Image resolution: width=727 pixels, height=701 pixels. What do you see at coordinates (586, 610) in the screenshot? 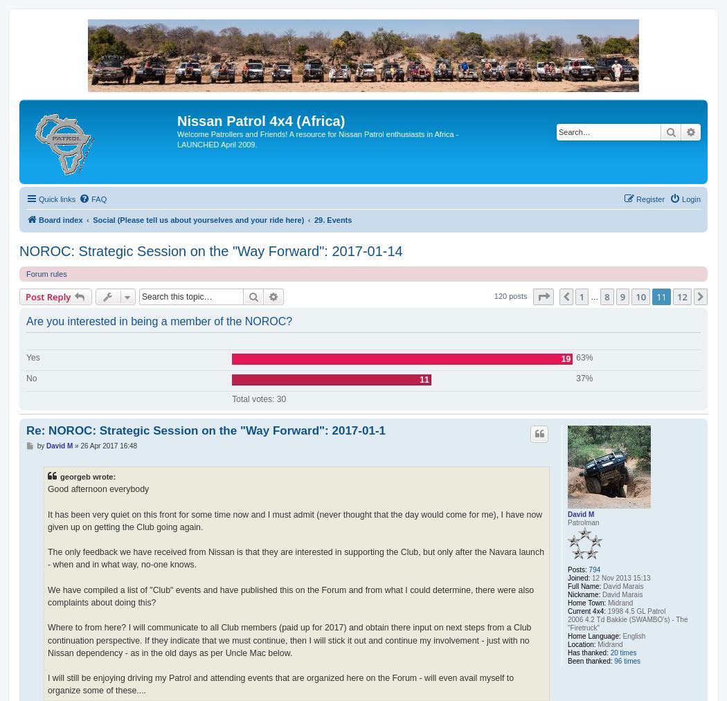
I see `'Current 4x4:'` at bounding box center [586, 610].